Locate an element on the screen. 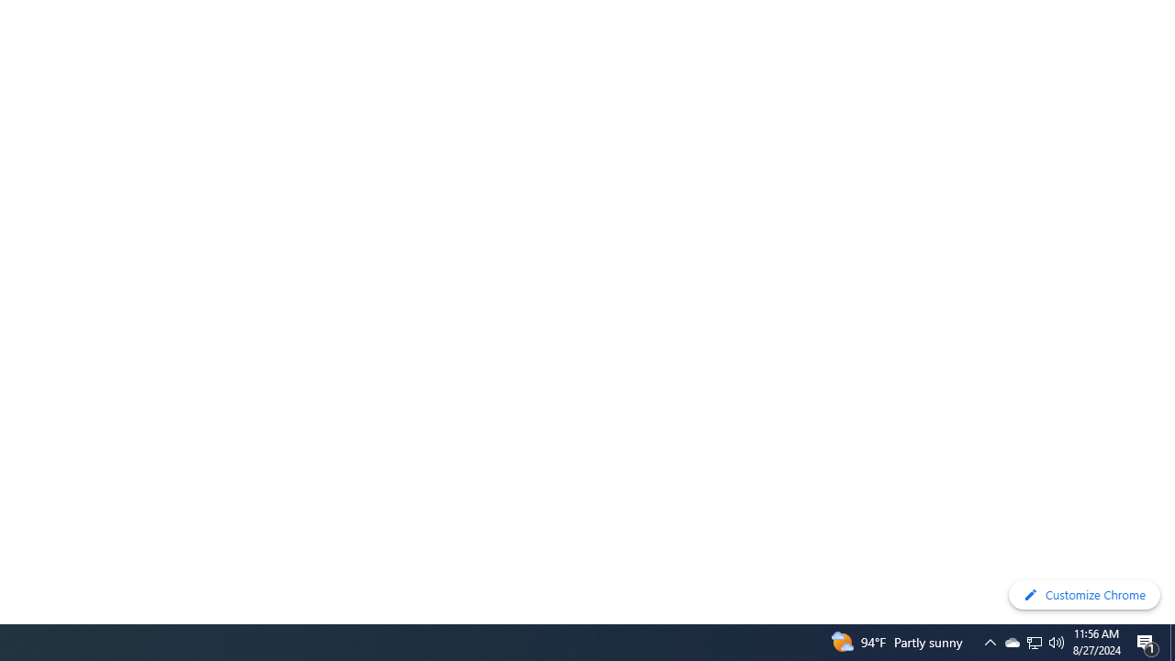 This screenshot has width=1175, height=661. 'Customize Chrome' is located at coordinates (1084, 595).